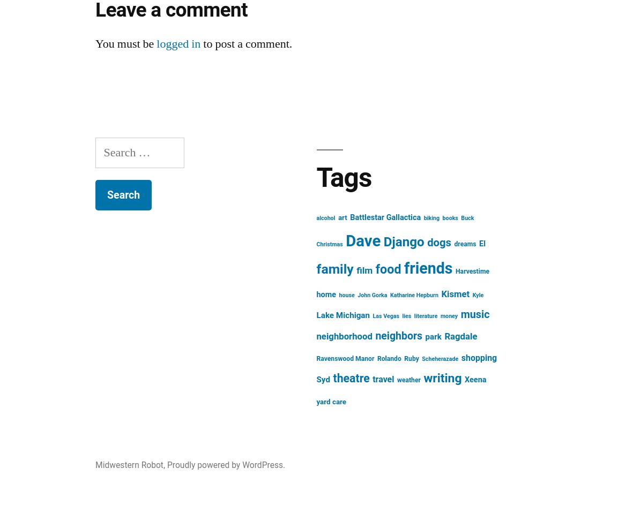  I want to click on 'literature', so click(425, 316).